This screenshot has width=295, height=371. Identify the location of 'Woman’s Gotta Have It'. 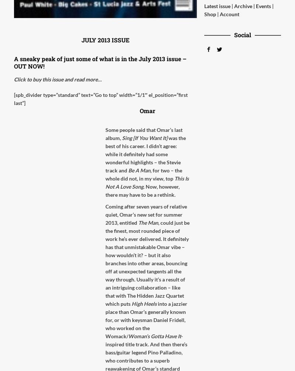
(155, 336).